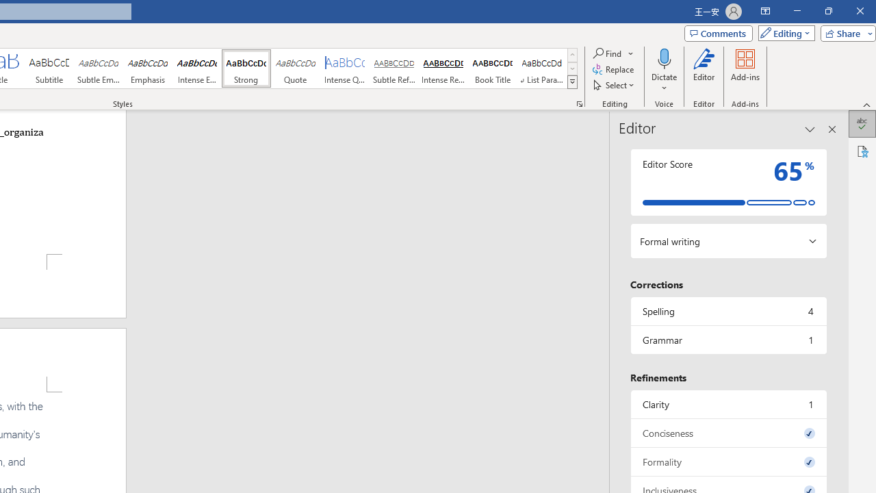 This screenshot has width=876, height=493. I want to click on 'Conciseness, 0 issues. Press space or enter to review items.', so click(727, 433).